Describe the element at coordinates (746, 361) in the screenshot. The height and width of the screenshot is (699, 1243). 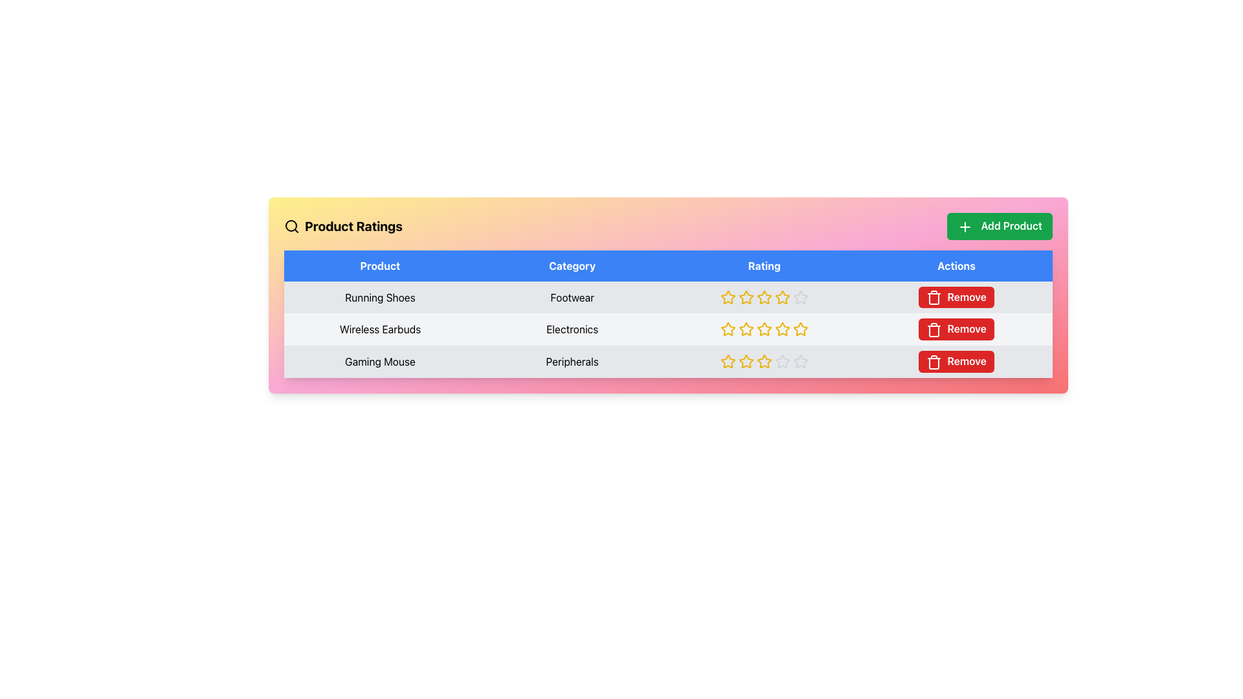
I see `the star-shaped rating icon for the 'Gaming Mouse'` at that location.